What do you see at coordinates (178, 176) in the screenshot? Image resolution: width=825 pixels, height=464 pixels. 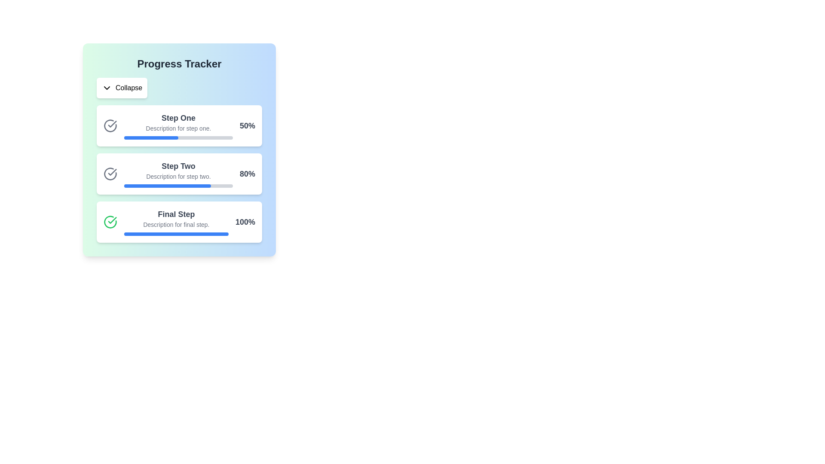 I see `properties of the descriptive text located in the 'Step Two' section of the progress tracker, positioned directly below the title 'Step Two' and above a progress bar` at bounding box center [178, 176].